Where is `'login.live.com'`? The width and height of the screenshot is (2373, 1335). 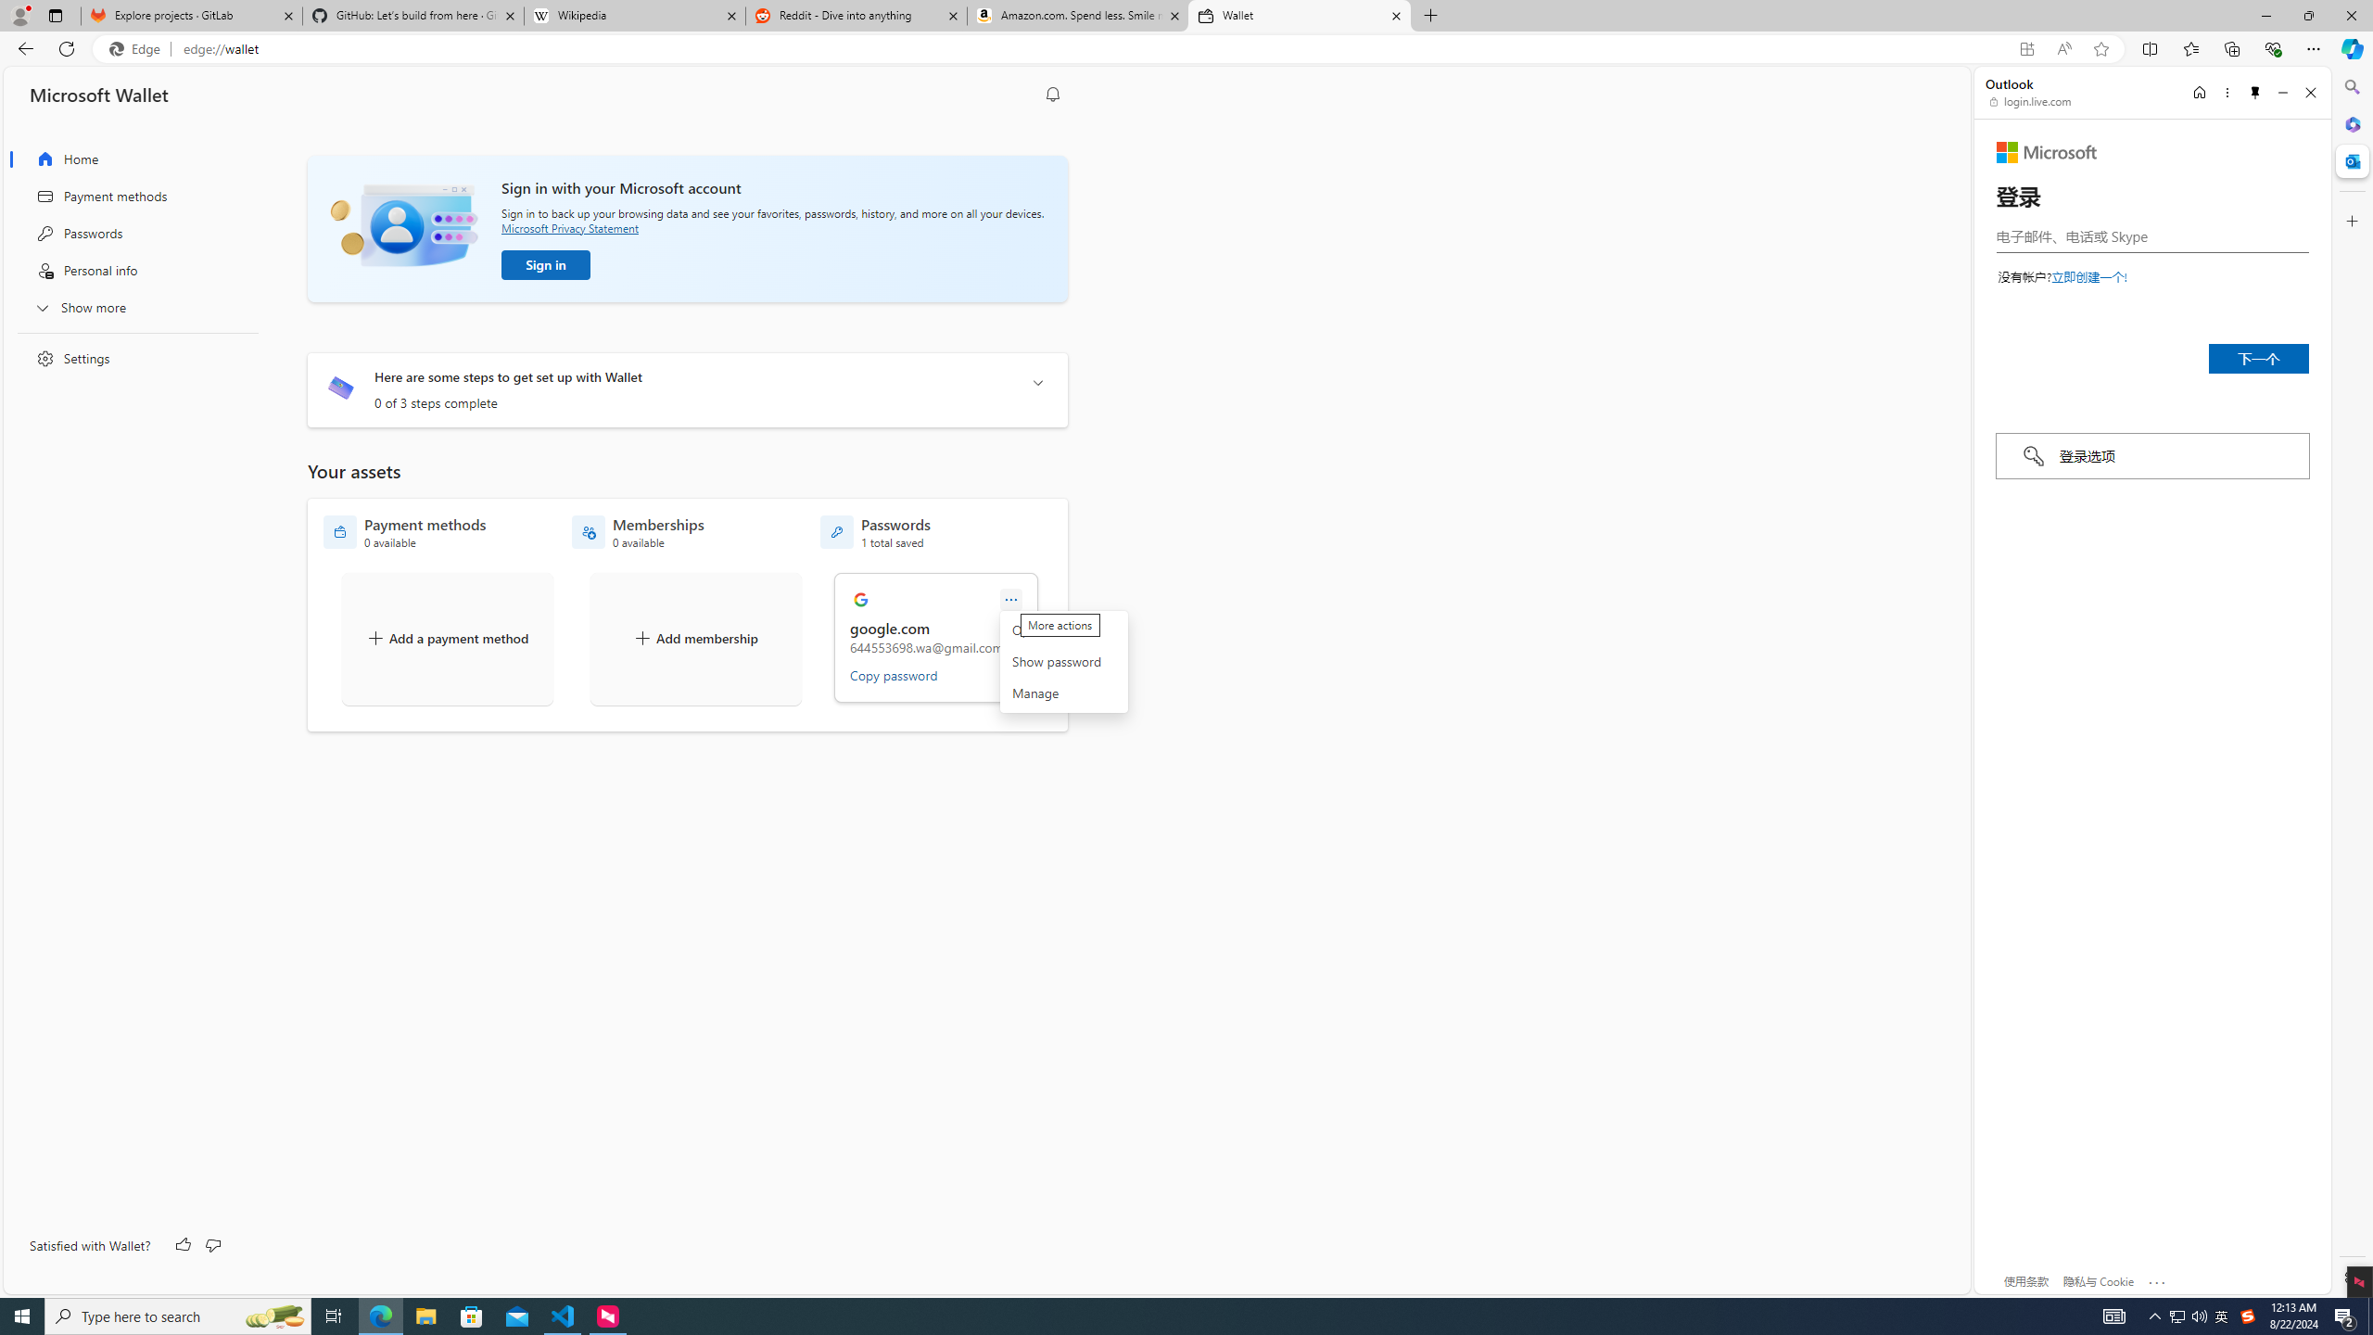
'login.live.com' is located at coordinates (2030, 100).